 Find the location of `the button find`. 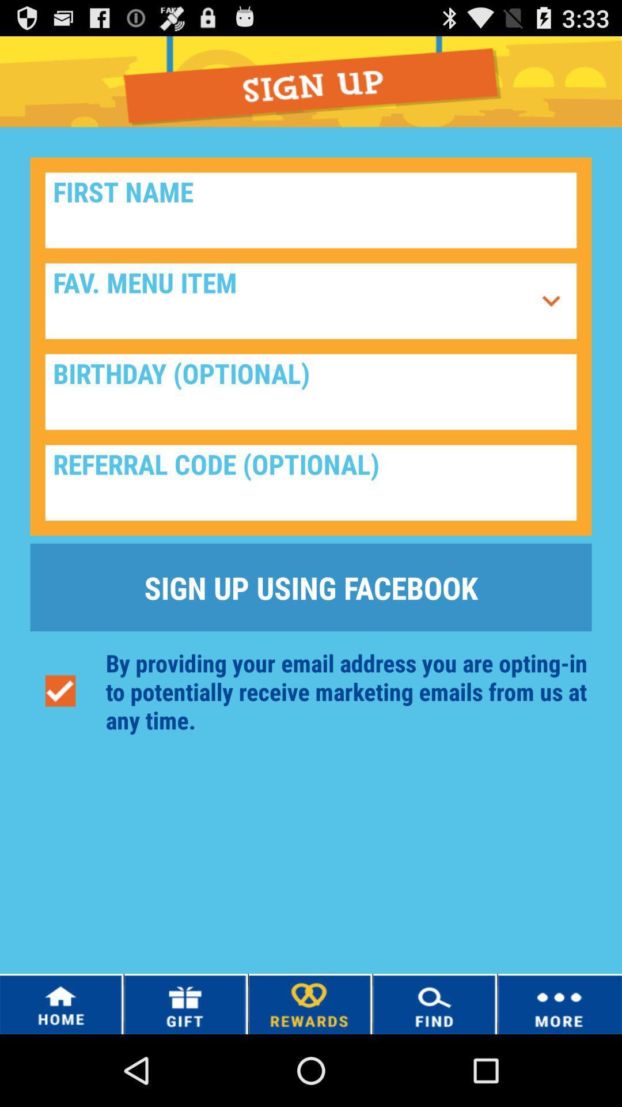

the button find is located at coordinates (435, 1003).